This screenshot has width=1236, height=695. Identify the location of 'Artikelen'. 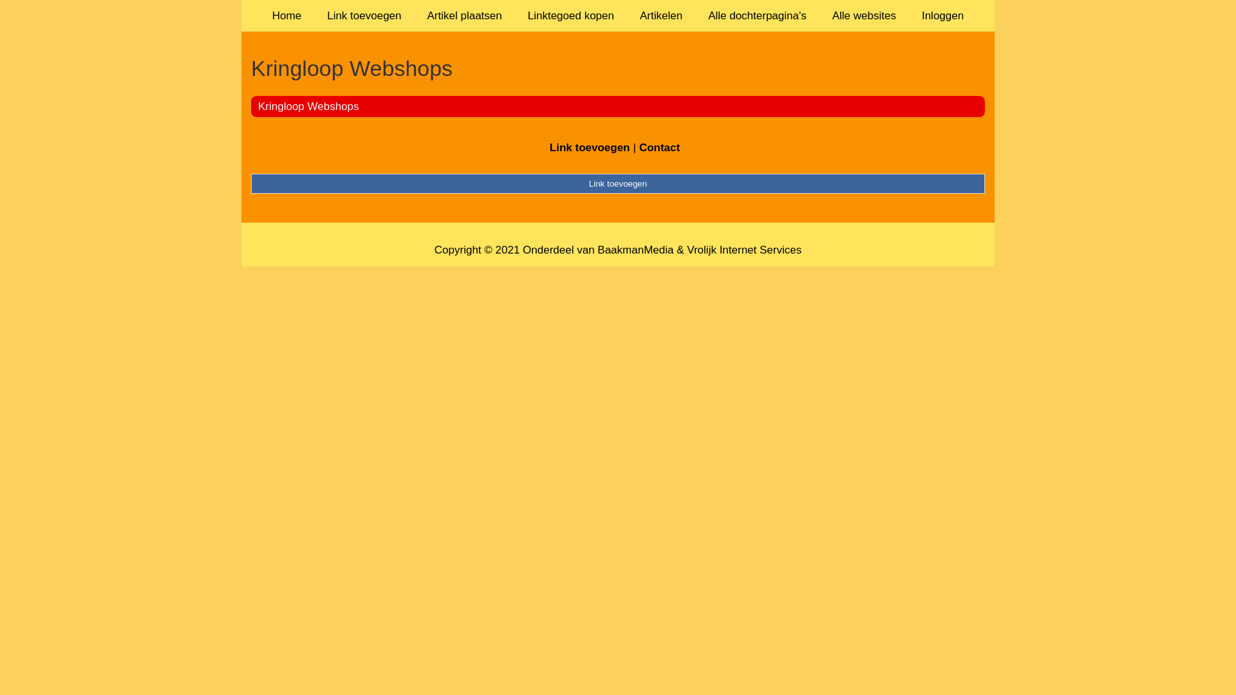
(661, 15).